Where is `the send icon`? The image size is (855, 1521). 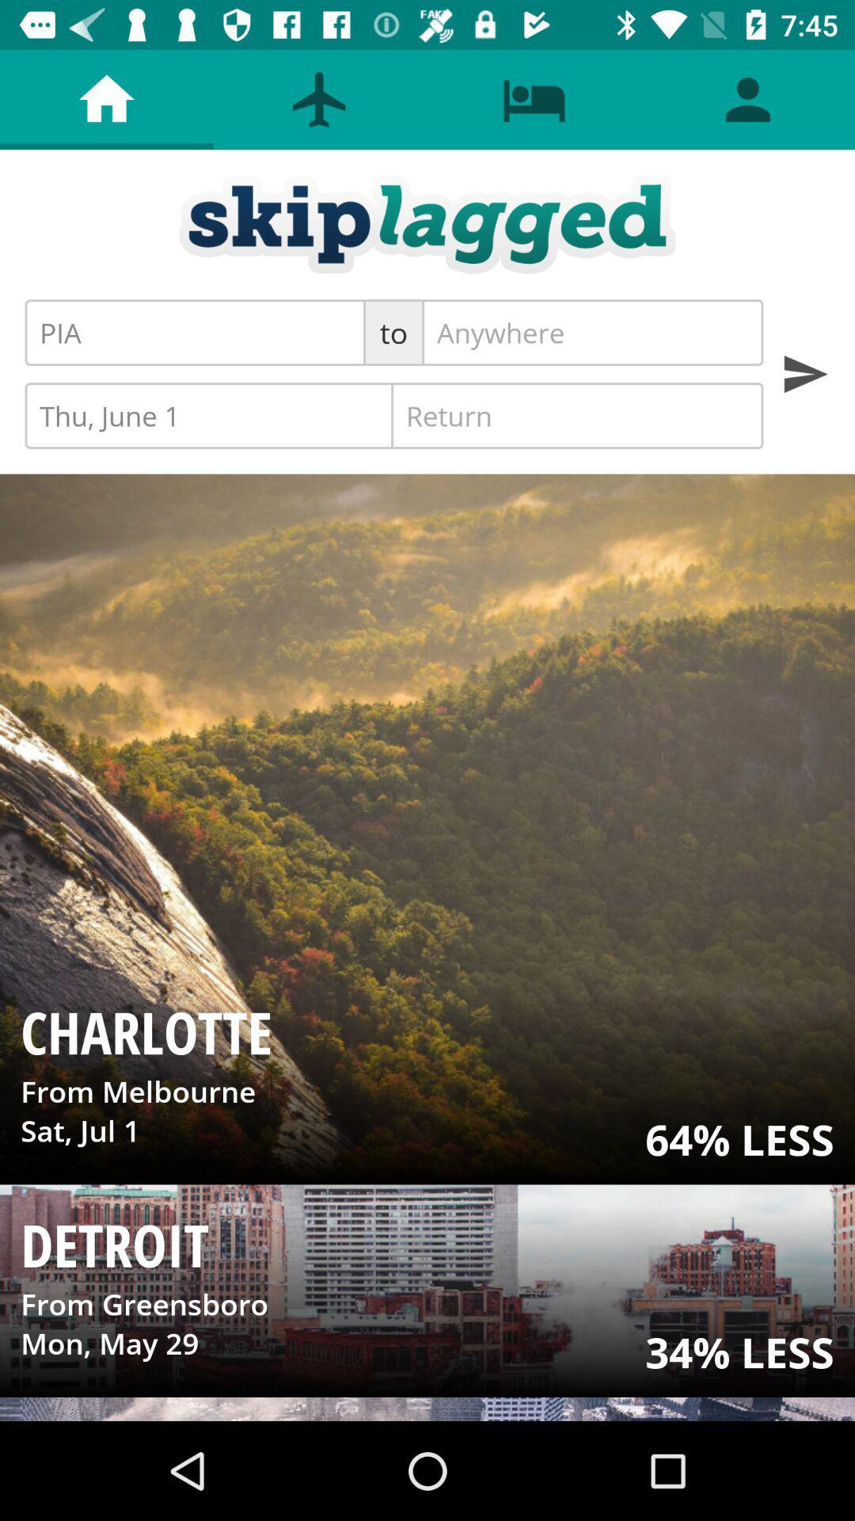 the send icon is located at coordinates (805, 373).